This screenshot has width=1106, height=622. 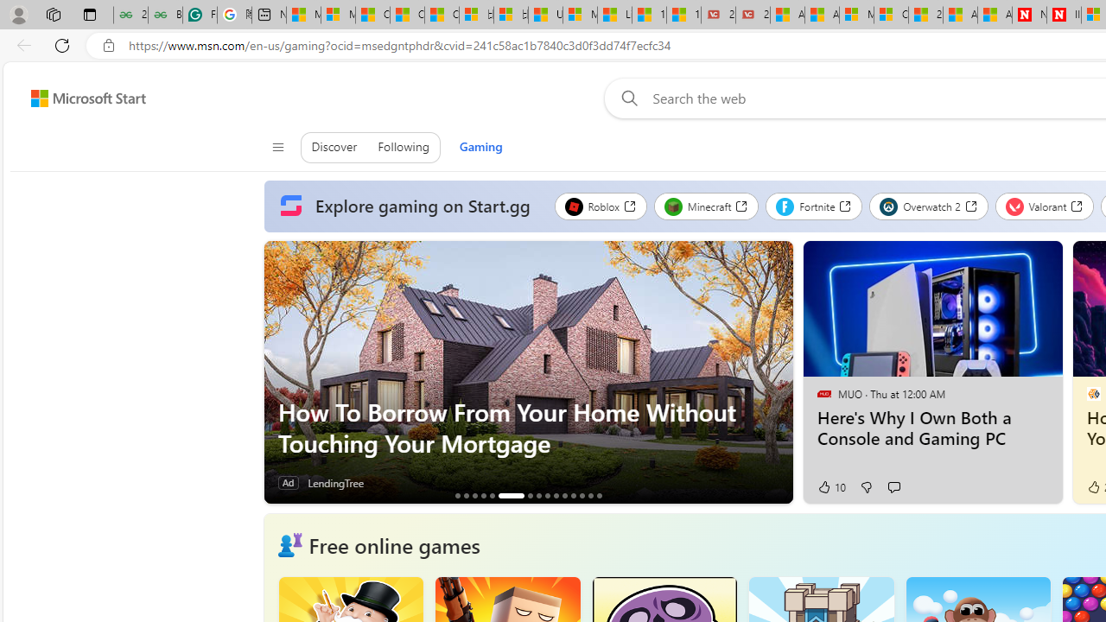 I want to click on '20 Ways to Boost Your Protein Intake at Every Meal', so click(x=925, y=15).